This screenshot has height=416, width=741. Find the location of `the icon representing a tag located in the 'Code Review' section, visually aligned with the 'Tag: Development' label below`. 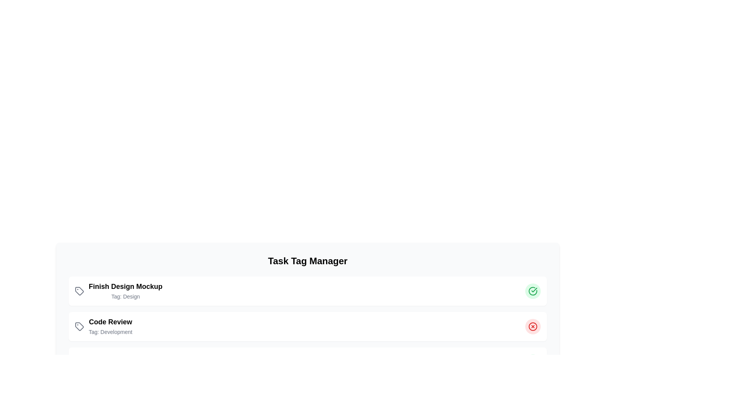

the icon representing a tag located in the 'Code Review' section, visually aligned with the 'Tag: Development' label below is located at coordinates (80, 327).